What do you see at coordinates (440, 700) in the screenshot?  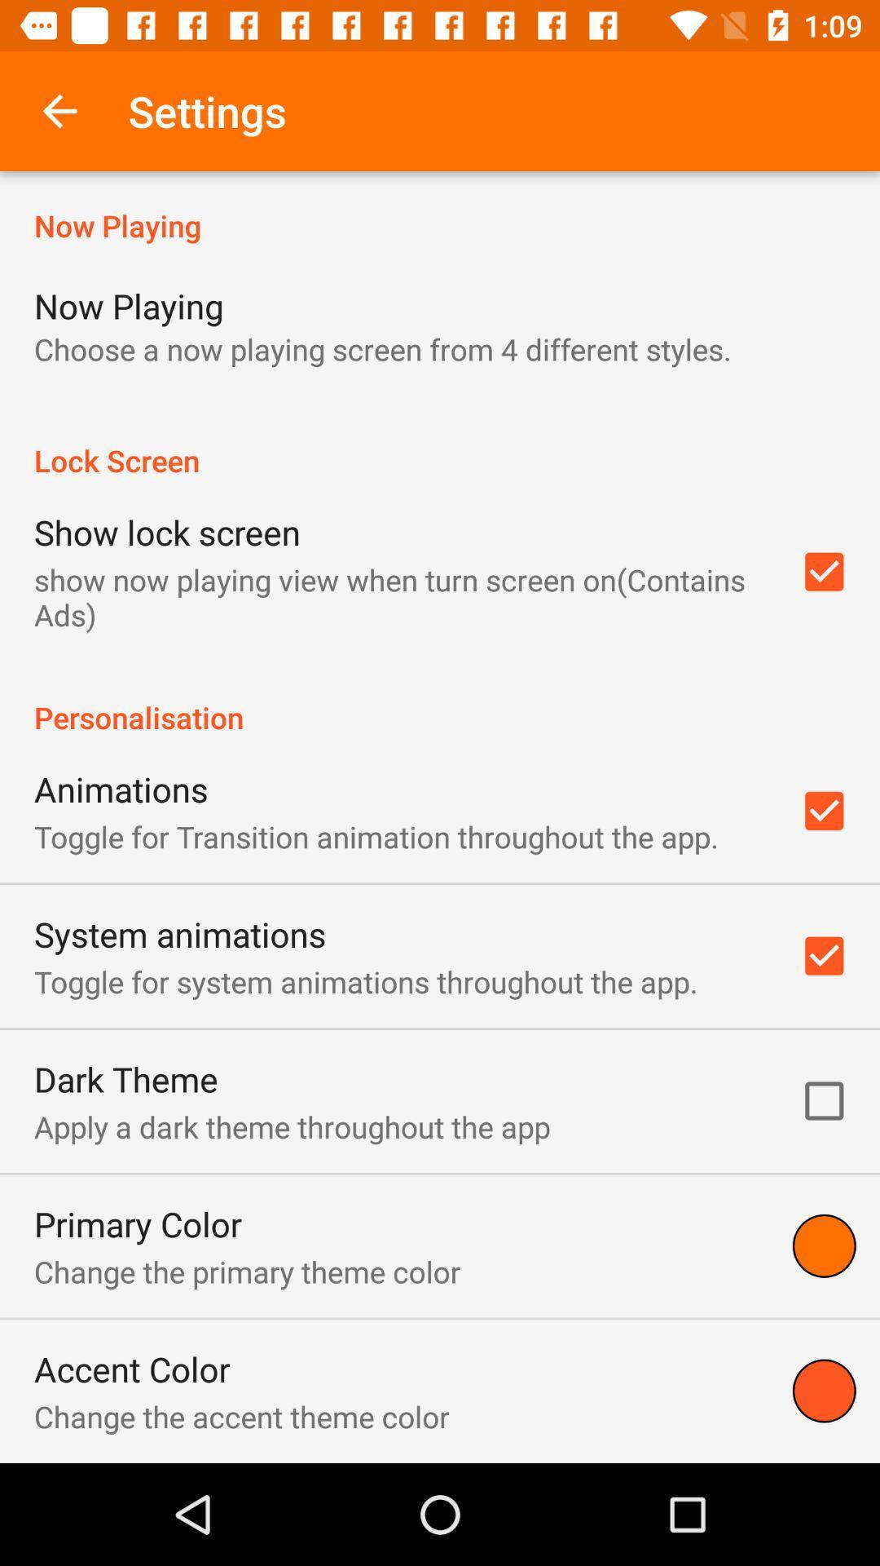 I see `personalisation item` at bounding box center [440, 700].